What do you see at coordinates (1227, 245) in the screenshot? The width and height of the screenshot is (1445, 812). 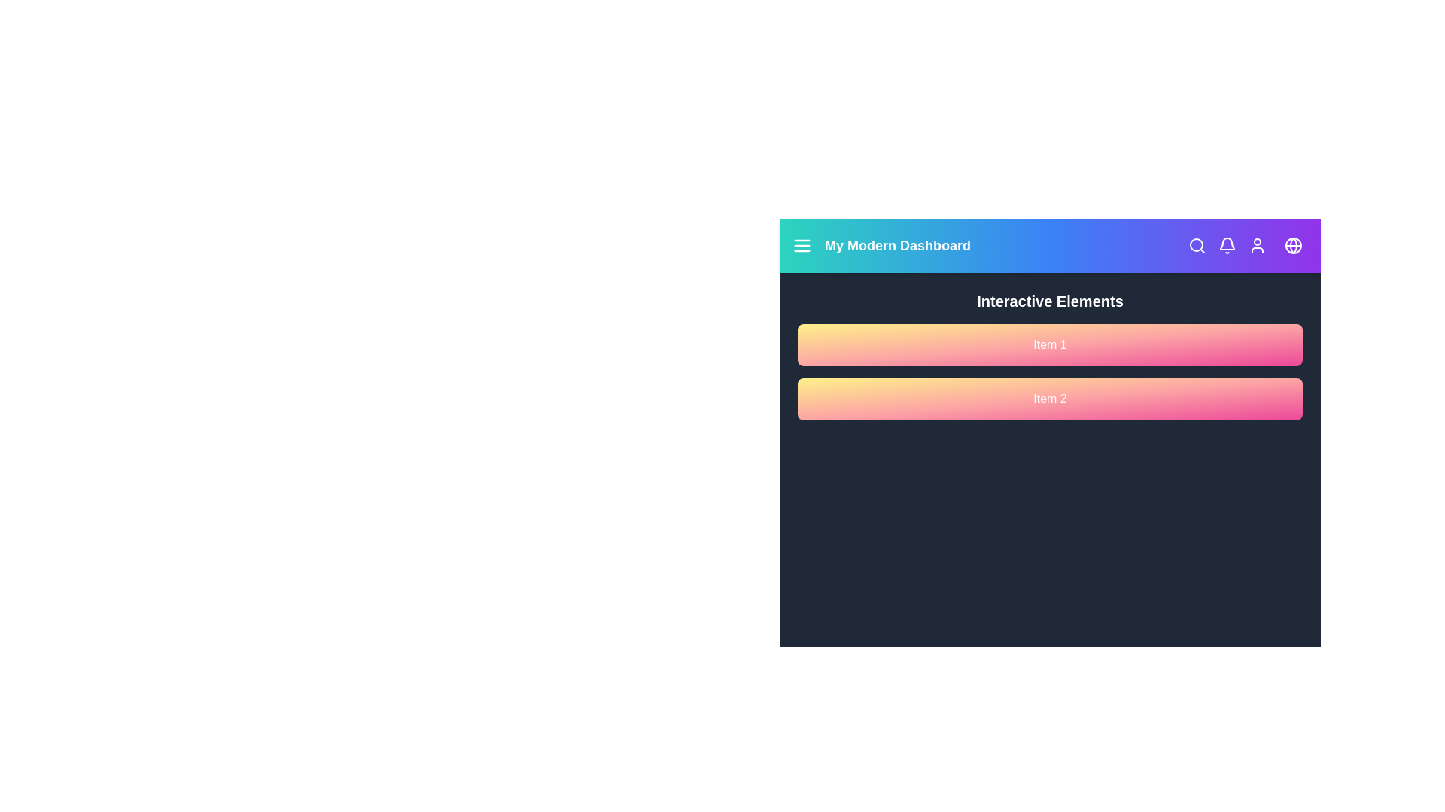 I see `the bell icon to view notifications` at bounding box center [1227, 245].